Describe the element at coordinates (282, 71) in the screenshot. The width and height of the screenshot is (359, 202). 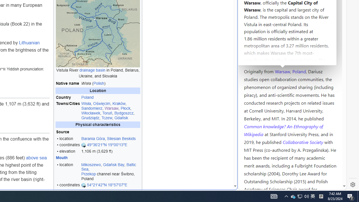
I see `'Warsaw'` at that location.